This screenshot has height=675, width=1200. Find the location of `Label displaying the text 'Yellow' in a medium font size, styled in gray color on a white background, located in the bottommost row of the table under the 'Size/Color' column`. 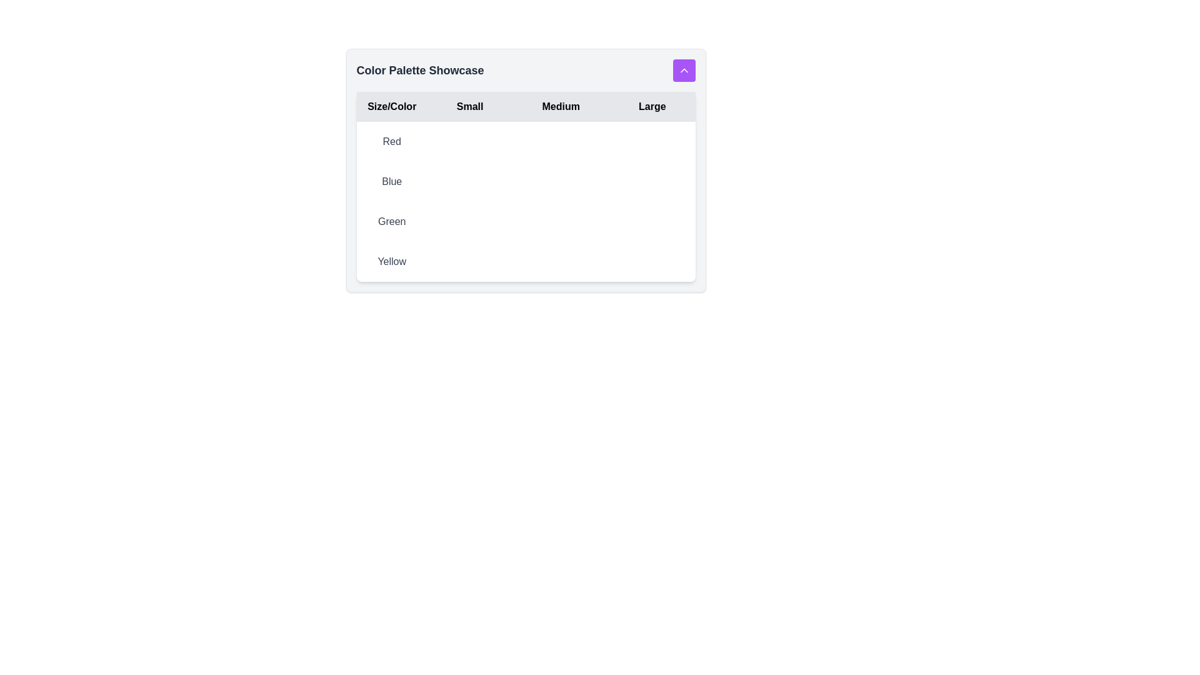

Label displaying the text 'Yellow' in a medium font size, styled in gray color on a white background, located in the bottommost row of the table under the 'Size/Color' column is located at coordinates (391, 261).